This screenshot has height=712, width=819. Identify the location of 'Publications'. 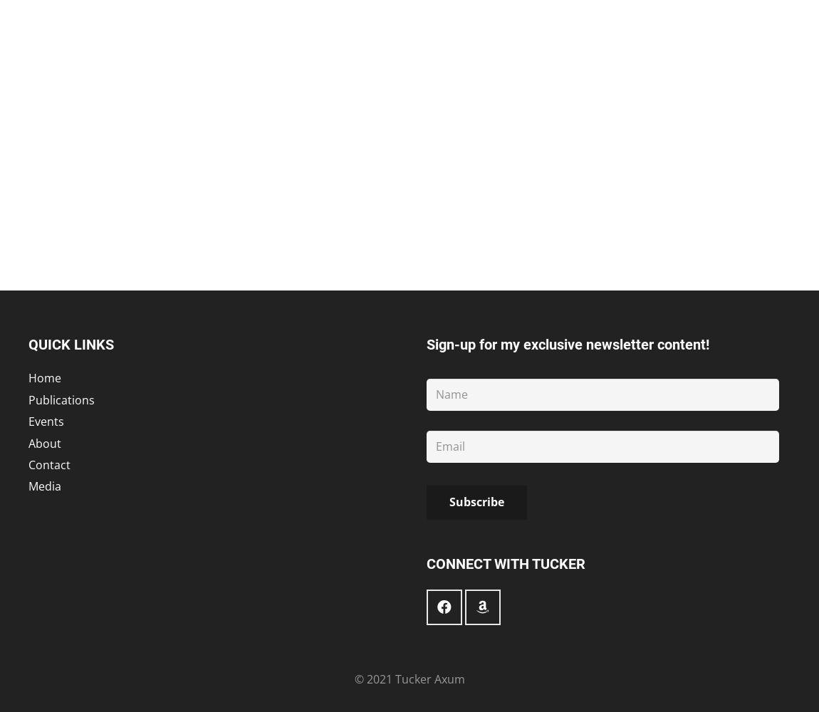
(61, 399).